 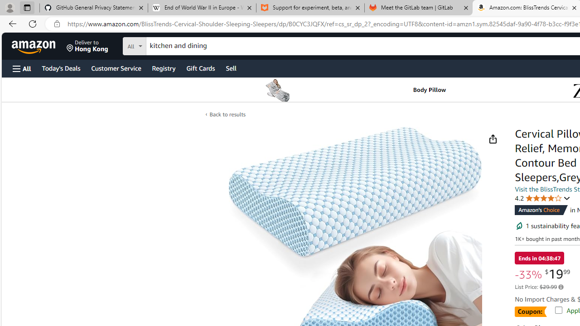 What do you see at coordinates (34, 46) in the screenshot?
I see `'Amazon'` at bounding box center [34, 46].